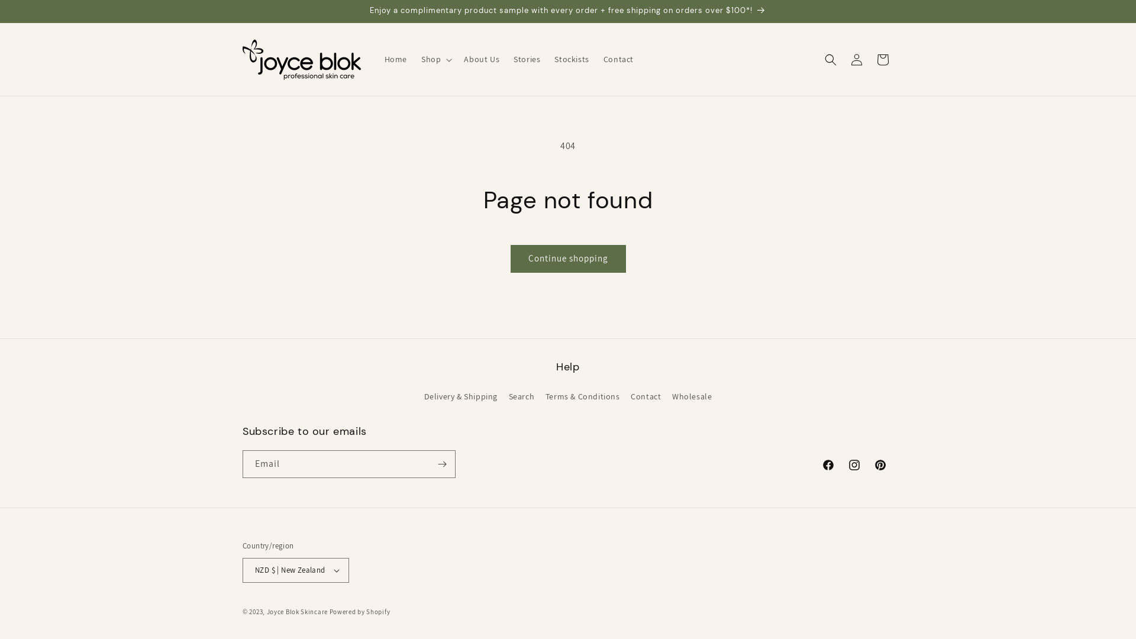  What do you see at coordinates (297, 611) in the screenshot?
I see `'Joyce Blok Skincare'` at bounding box center [297, 611].